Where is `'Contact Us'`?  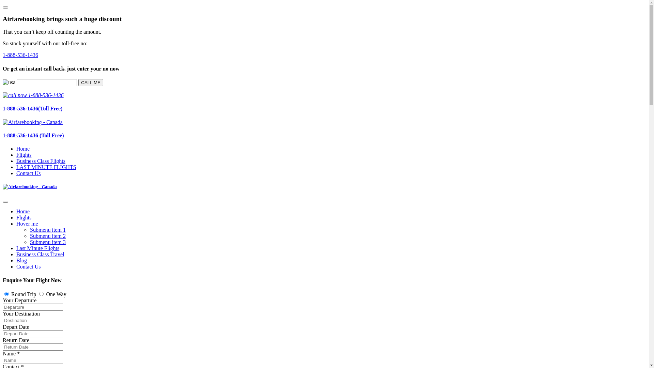
'Contact Us' is located at coordinates (16, 266).